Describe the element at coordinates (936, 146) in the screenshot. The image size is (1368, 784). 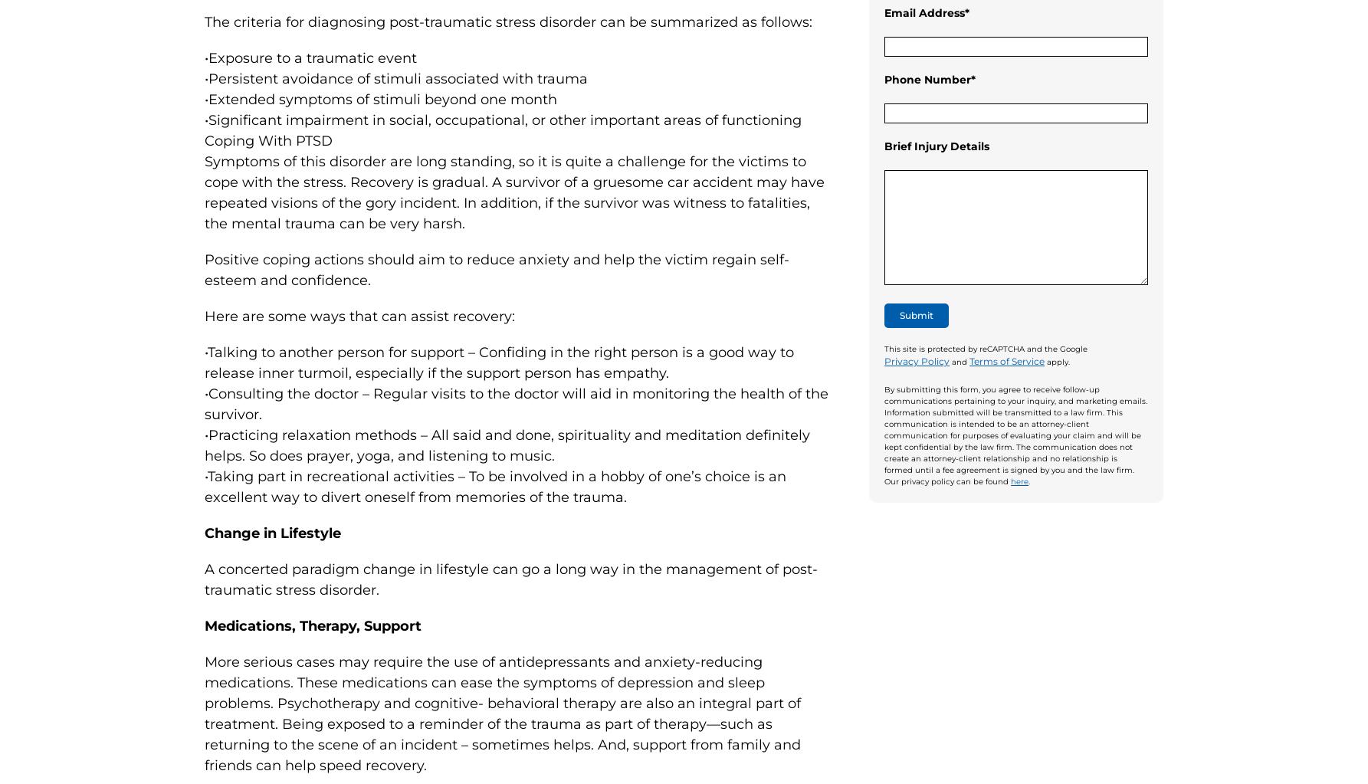
I see `'Brief Injury Details'` at that location.